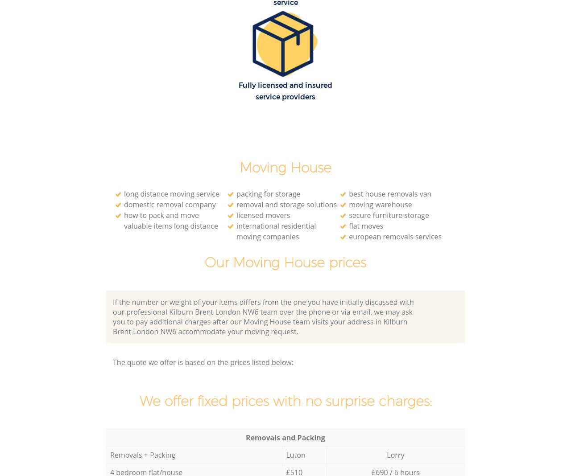 The image size is (571, 476). I want to click on 'Moving House', so click(239, 167).